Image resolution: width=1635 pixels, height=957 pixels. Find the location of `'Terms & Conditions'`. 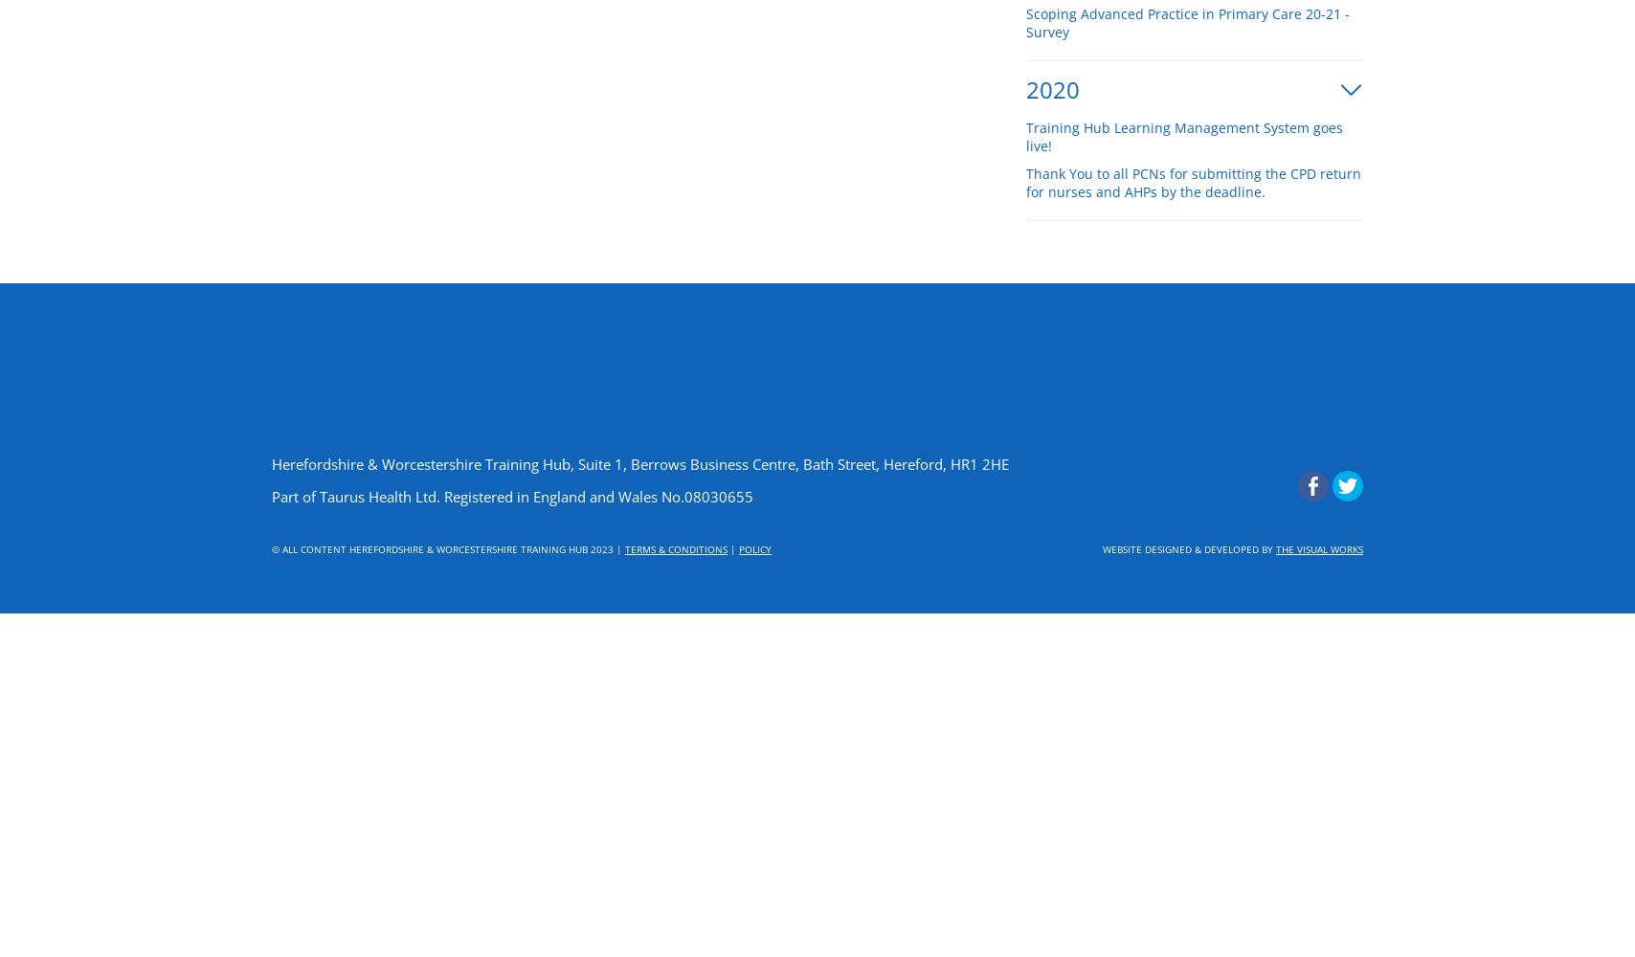

'Terms & Conditions' is located at coordinates (624, 548).